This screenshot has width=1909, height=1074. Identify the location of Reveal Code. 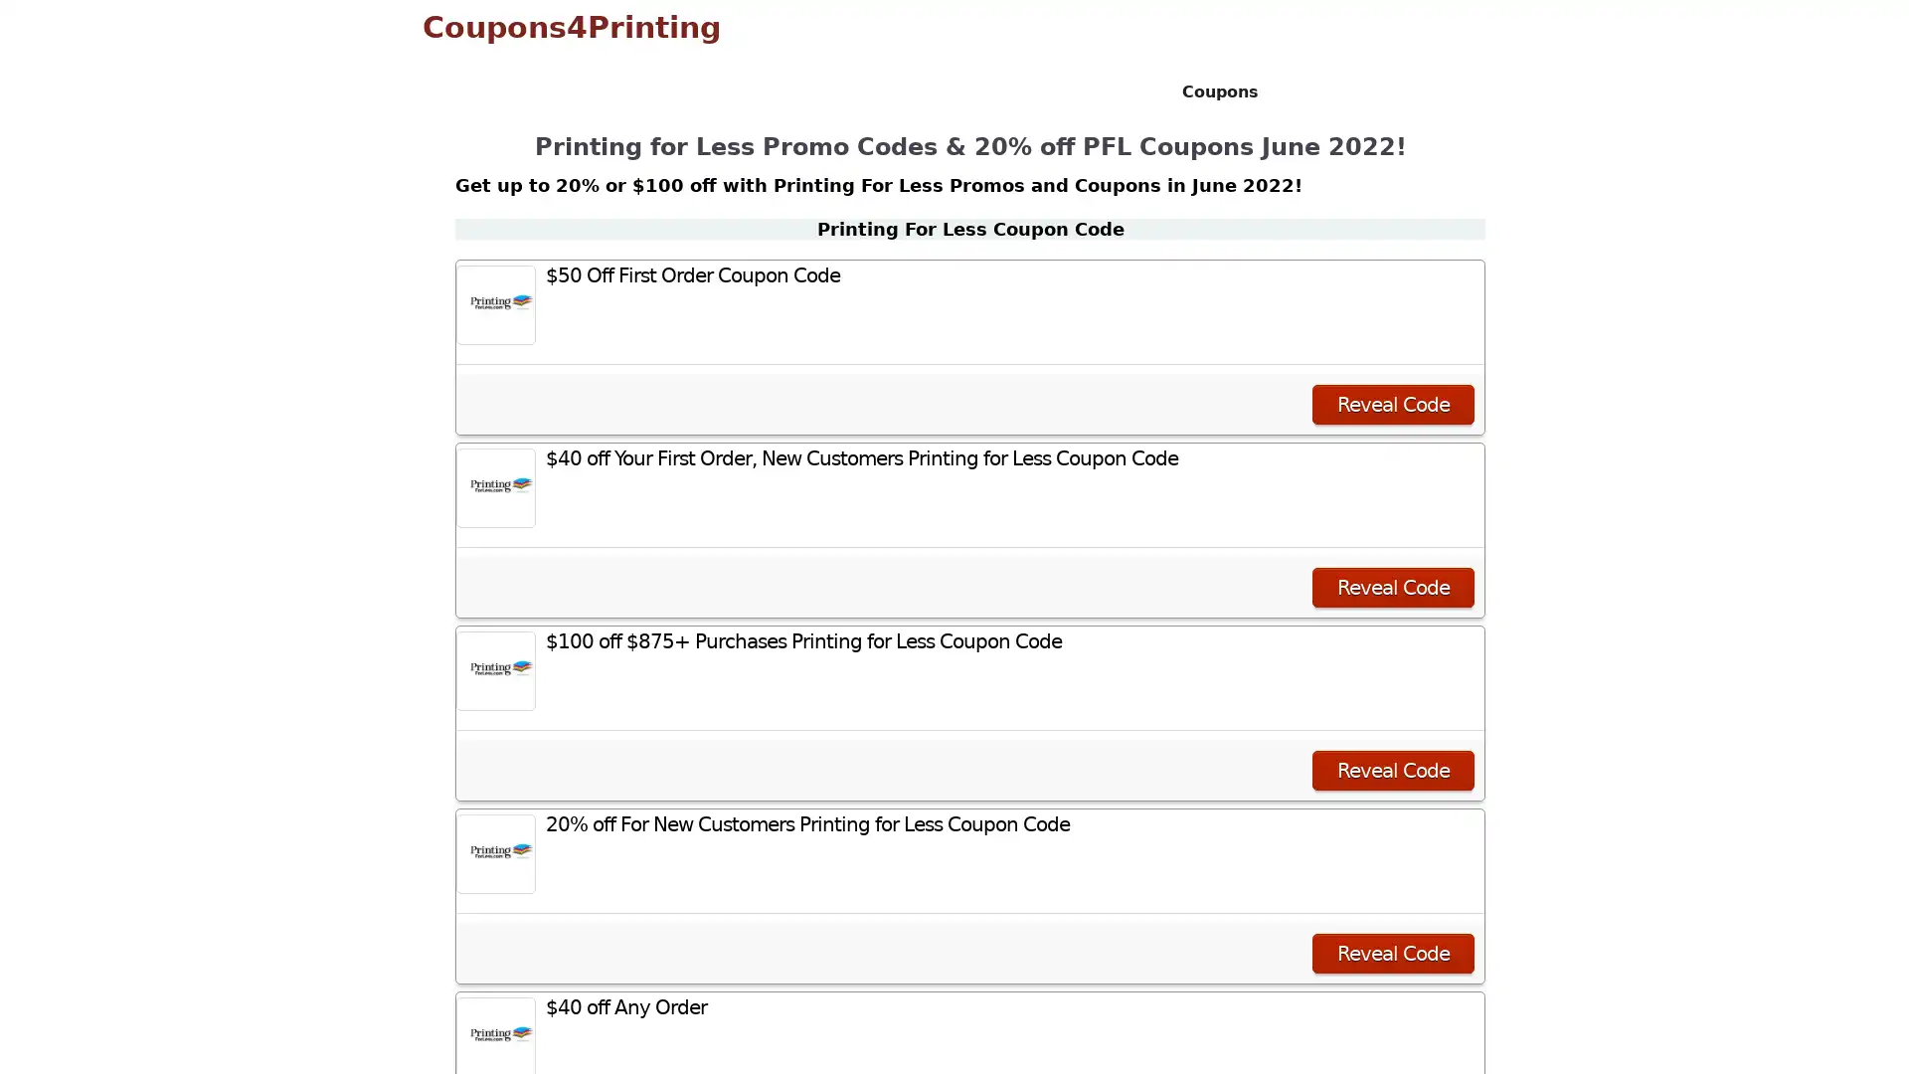
(1392, 953).